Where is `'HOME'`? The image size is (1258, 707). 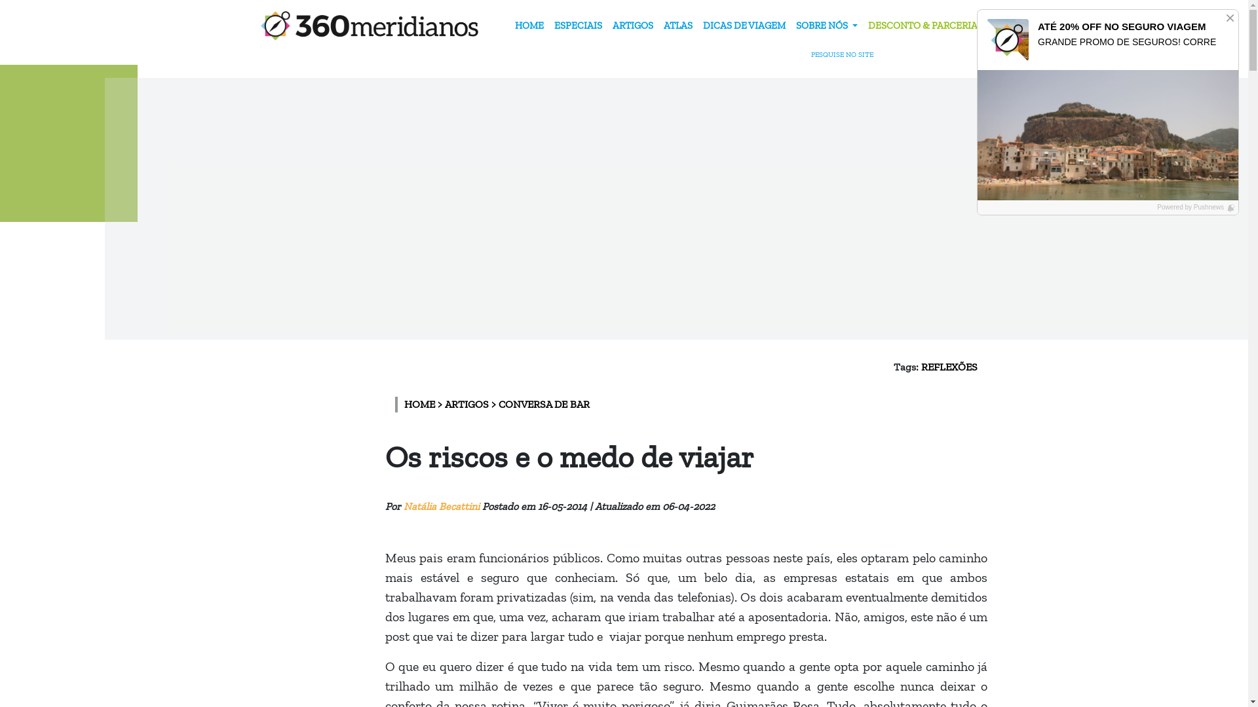 'HOME' is located at coordinates (529, 26).